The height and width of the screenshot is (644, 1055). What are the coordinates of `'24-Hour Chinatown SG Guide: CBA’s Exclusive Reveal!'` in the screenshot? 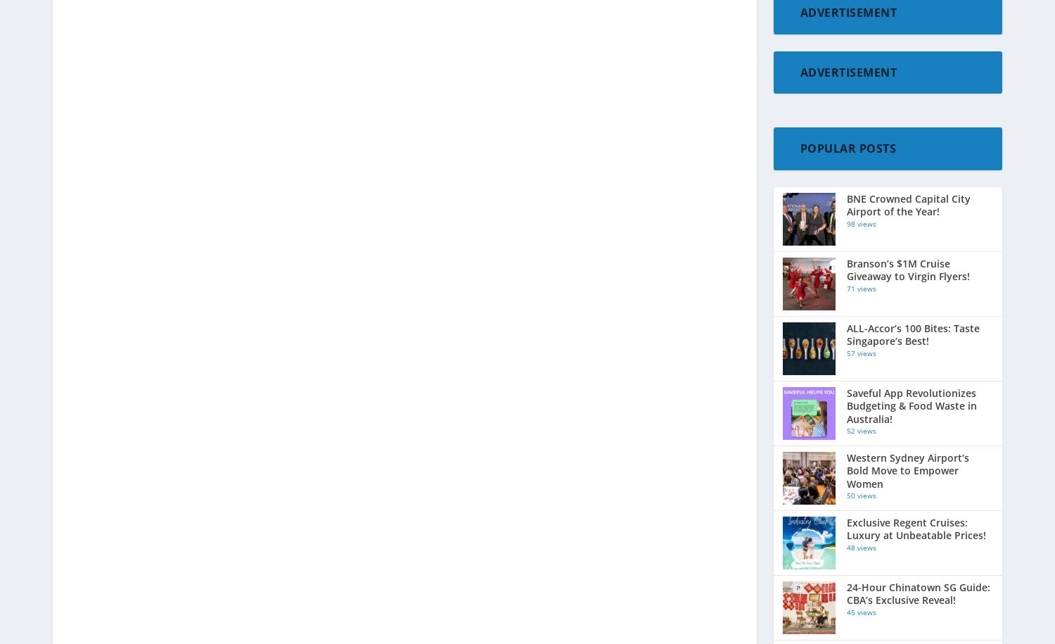 It's located at (918, 593).